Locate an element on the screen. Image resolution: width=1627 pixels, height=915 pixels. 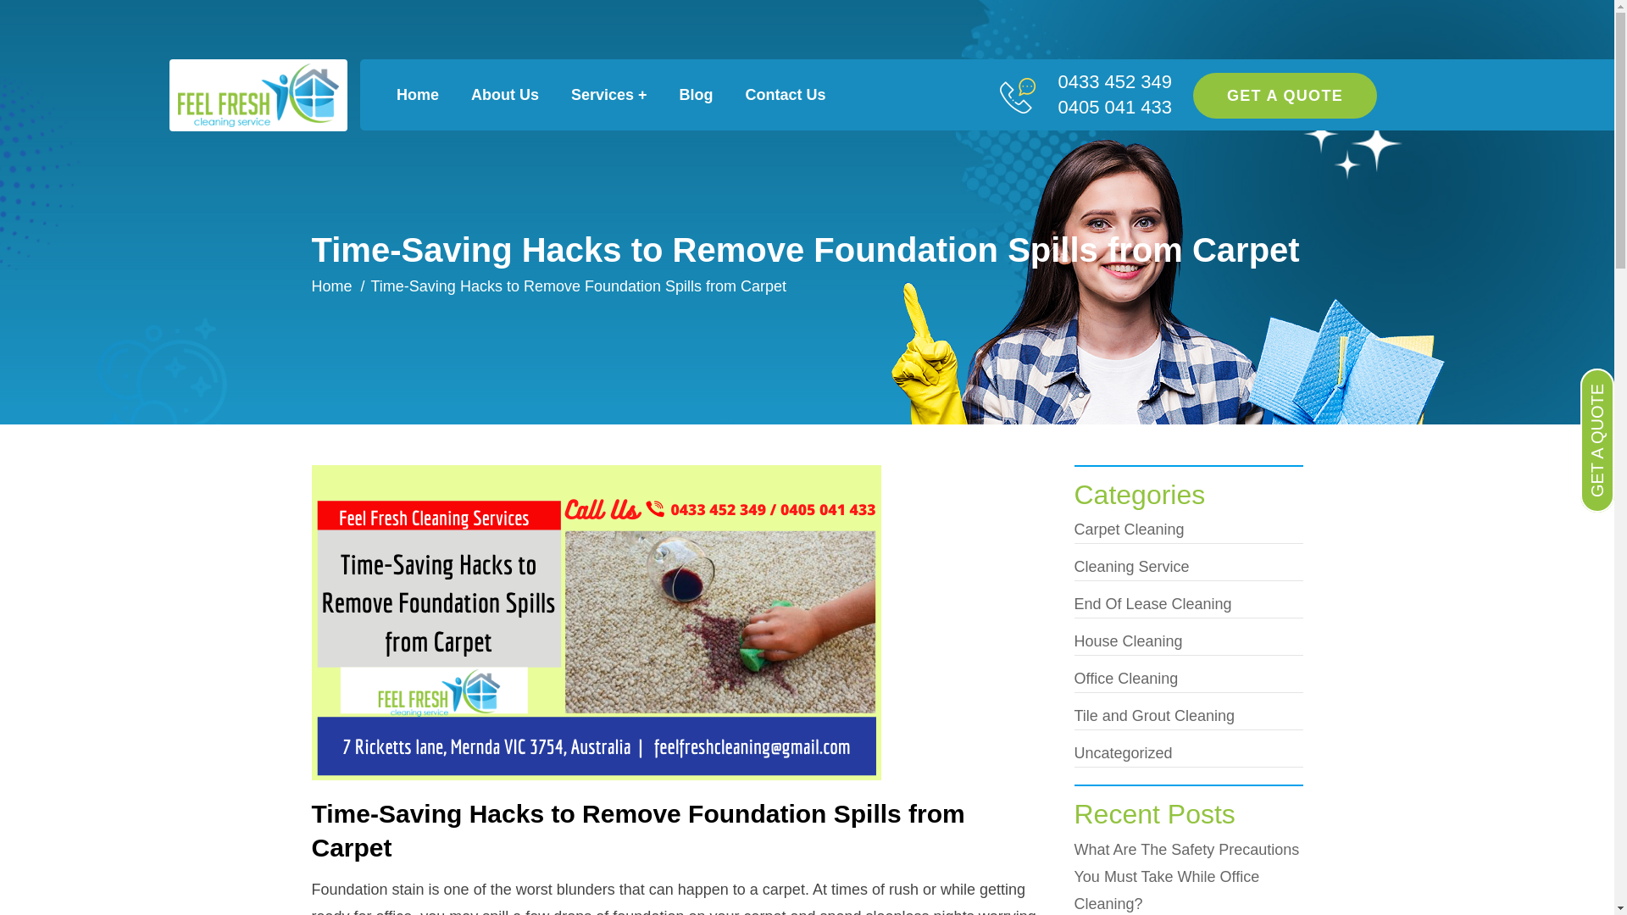
'End Of Lease Cleaning' is located at coordinates (1187, 603).